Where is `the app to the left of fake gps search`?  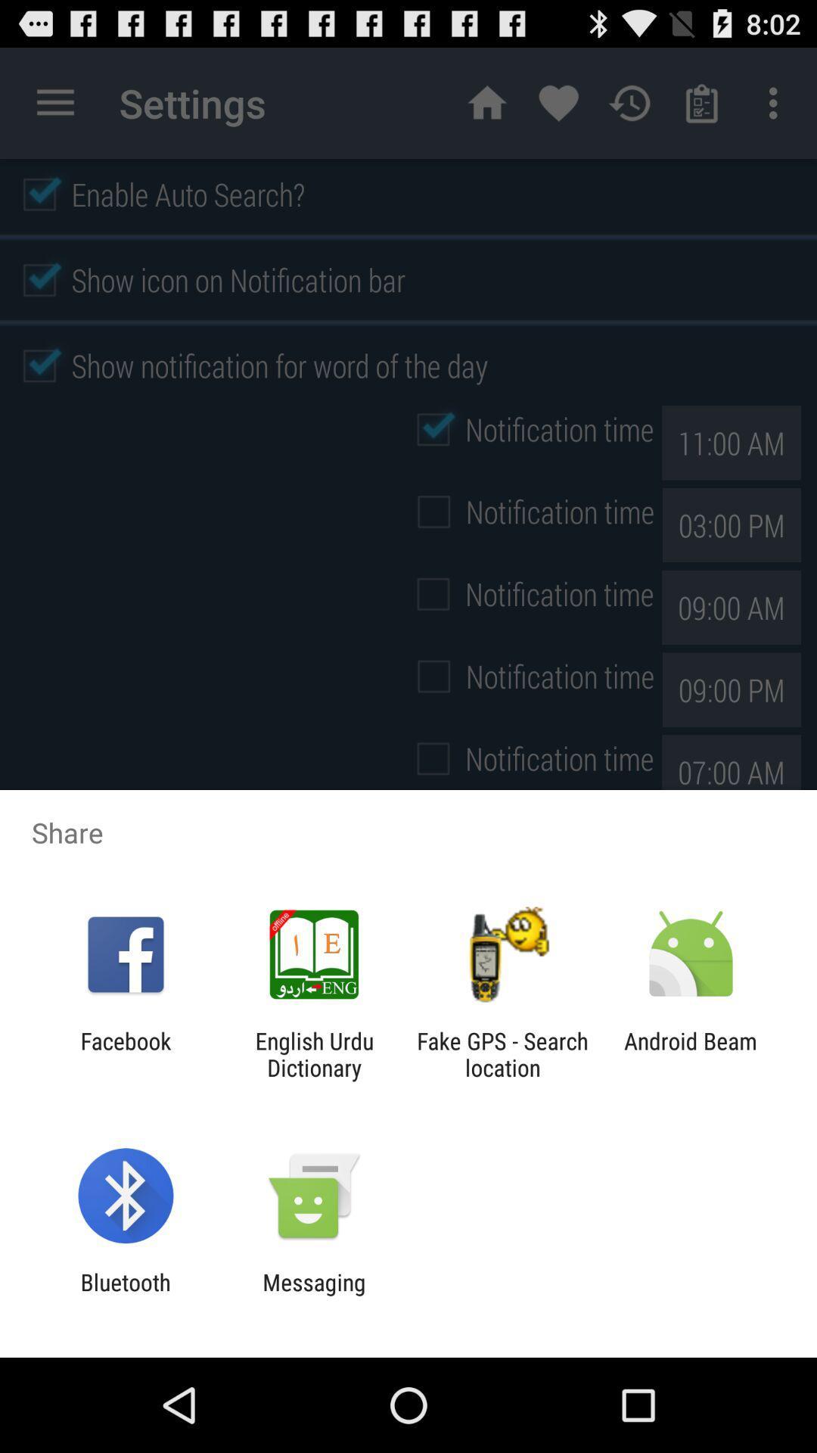 the app to the left of fake gps search is located at coordinates (313, 1053).